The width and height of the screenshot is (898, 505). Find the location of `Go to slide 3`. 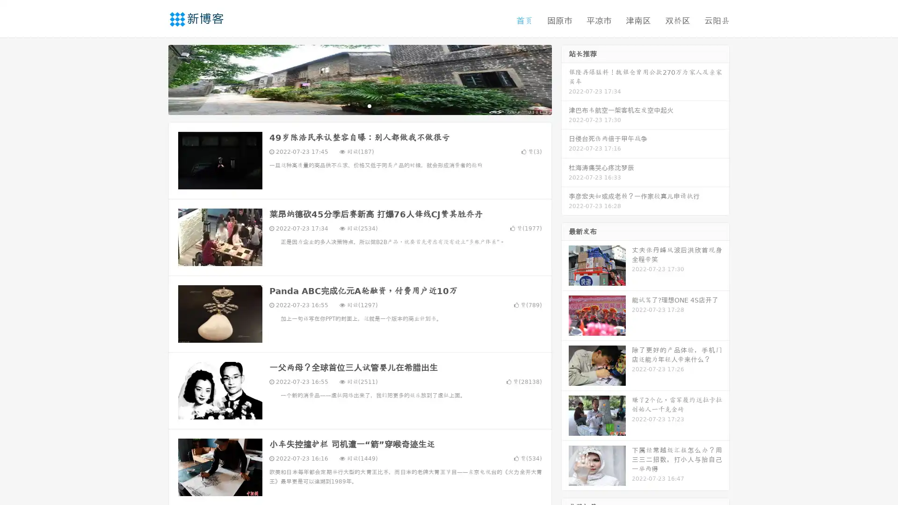

Go to slide 3 is located at coordinates (369, 105).